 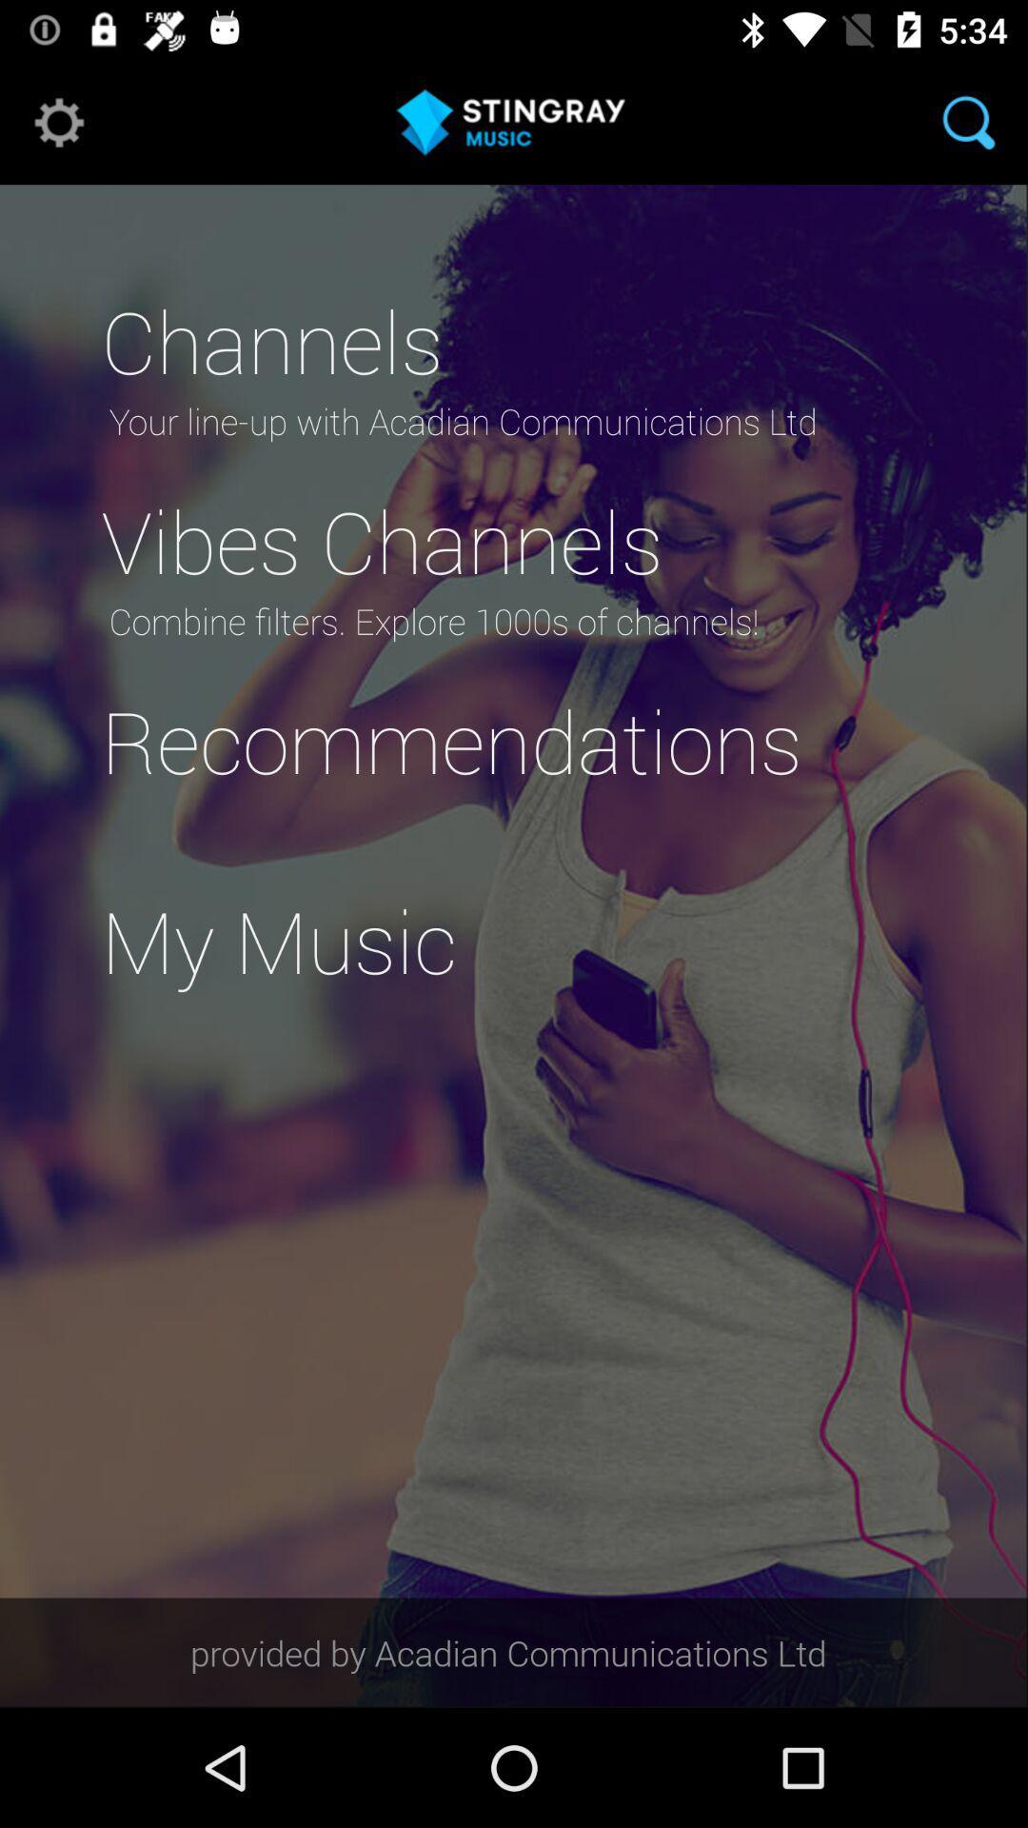 I want to click on icon above channels item, so click(x=968, y=121).